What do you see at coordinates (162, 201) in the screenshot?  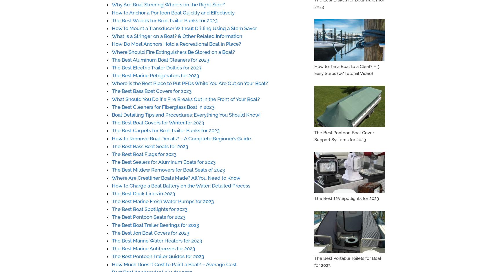 I see `'The Best Marine Fresh Water Pumps for 2023'` at bounding box center [162, 201].